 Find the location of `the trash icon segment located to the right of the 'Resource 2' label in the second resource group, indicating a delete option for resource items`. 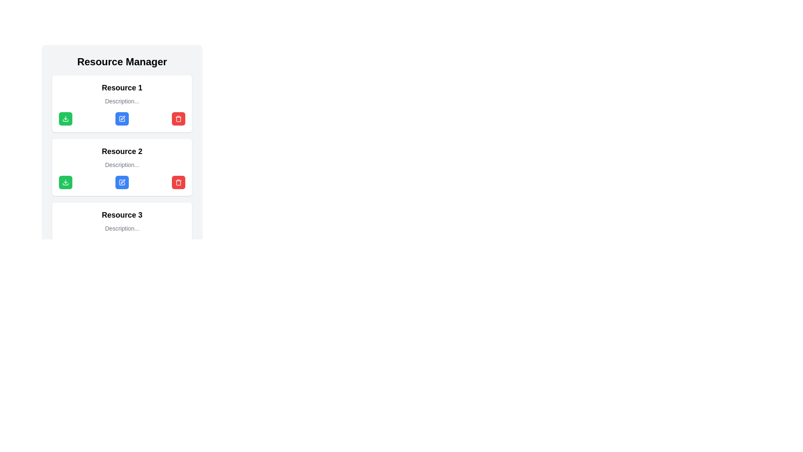

the trash icon segment located to the right of the 'Resource 2' label in the second resource group, indicating a delete option for resource items is located at coordinates (178, 182).